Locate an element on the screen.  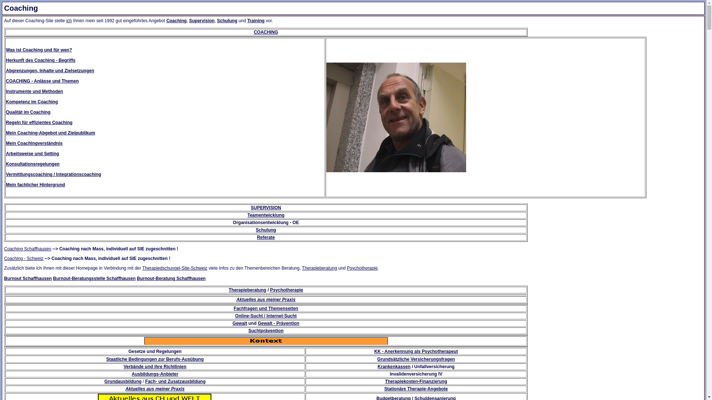
'Abgrenzungen, Inhalte und Zielsetzungen' is located at coordinates (49, 71).